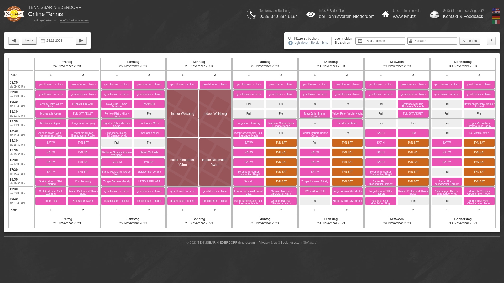 The image size is (504, 283). What do you see at coordinates (464, 201) in the screenshot?
I see `'Momente Silvano-Oberhammer Robert'` at bounding box center [464, 201].